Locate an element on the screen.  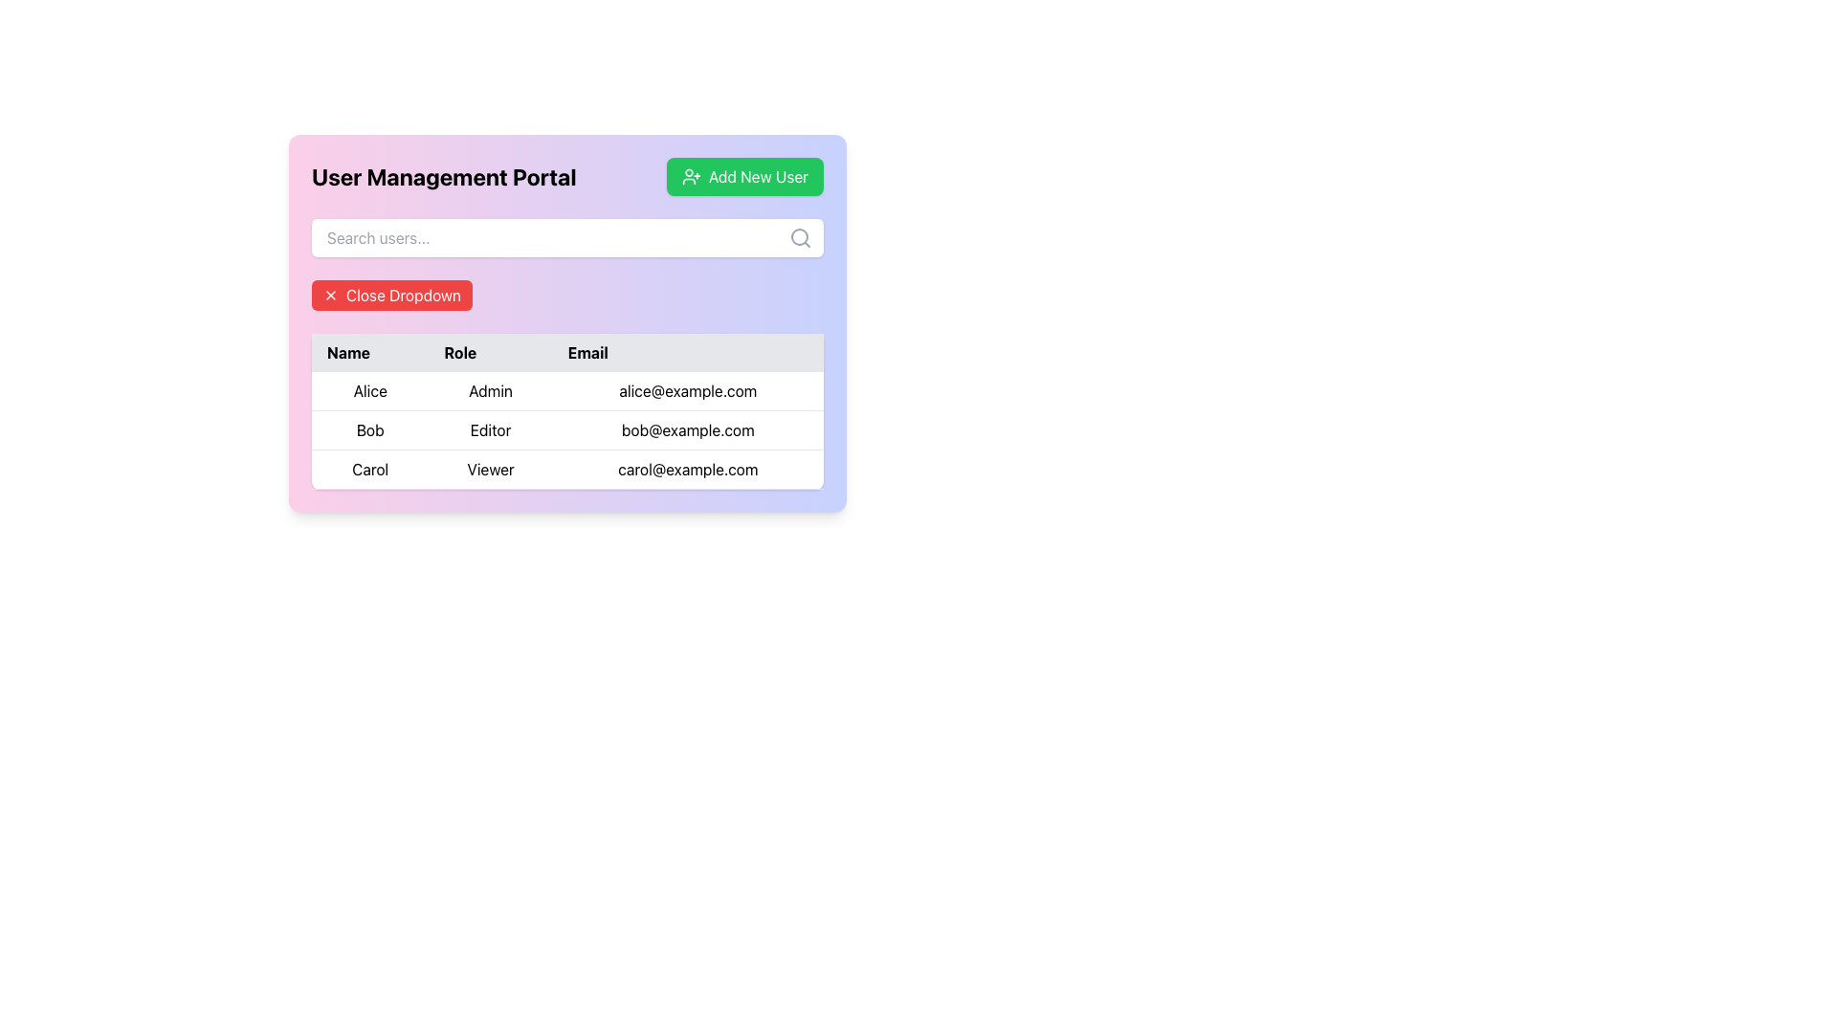
the text label displaying 'Carol' in bold font is located at coordinates (370, 469).